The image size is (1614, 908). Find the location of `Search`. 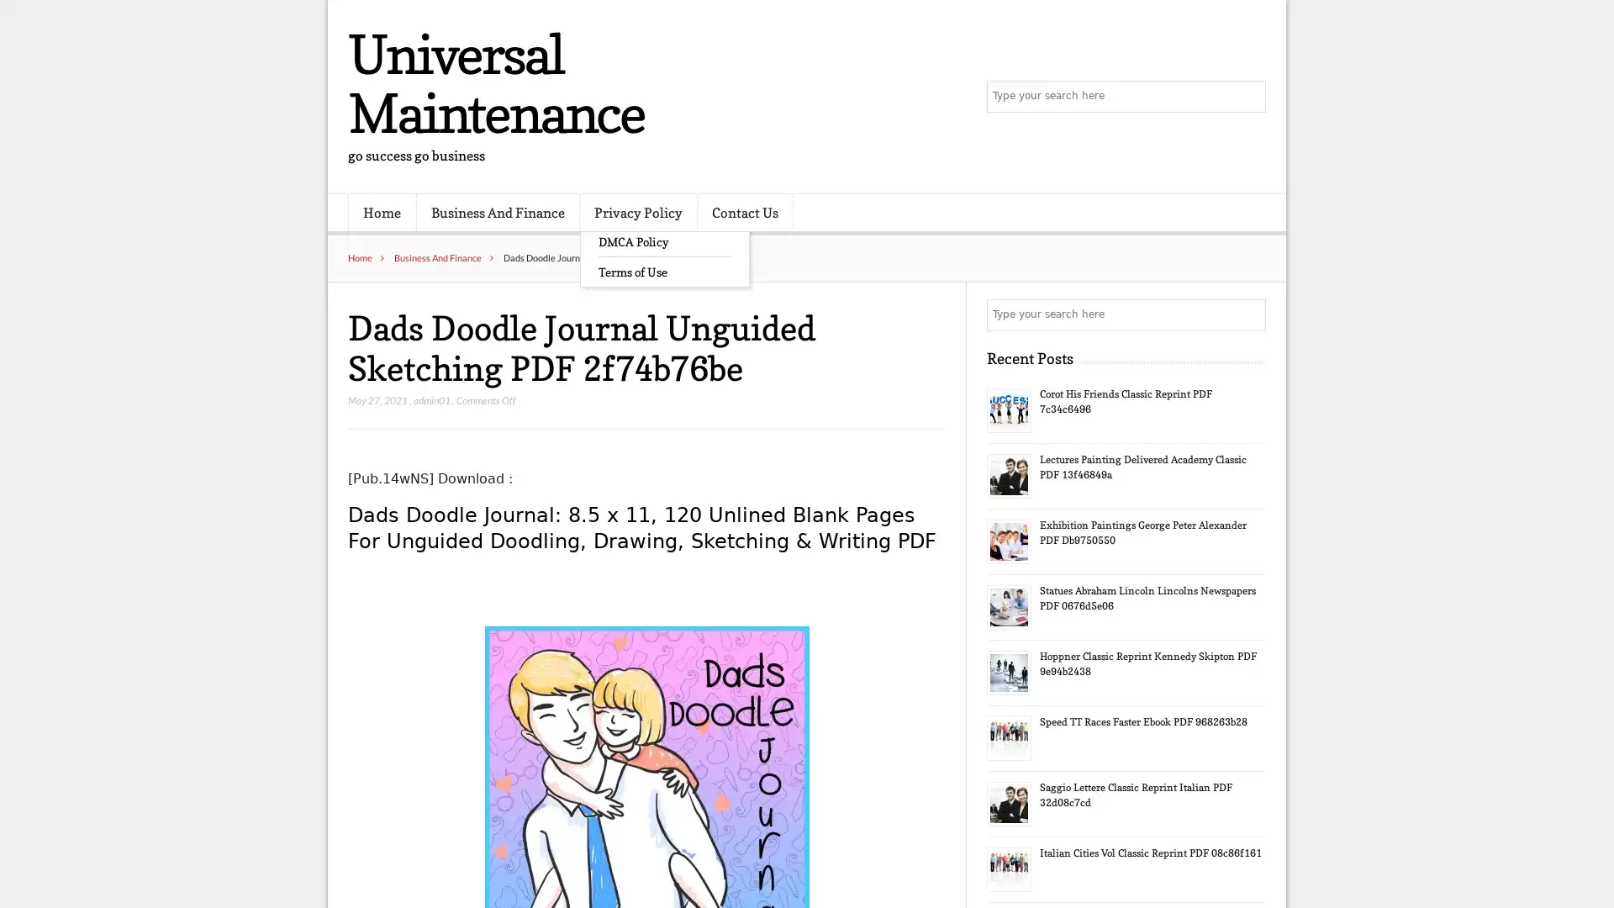

Search is located at coordinates (1248, 314).